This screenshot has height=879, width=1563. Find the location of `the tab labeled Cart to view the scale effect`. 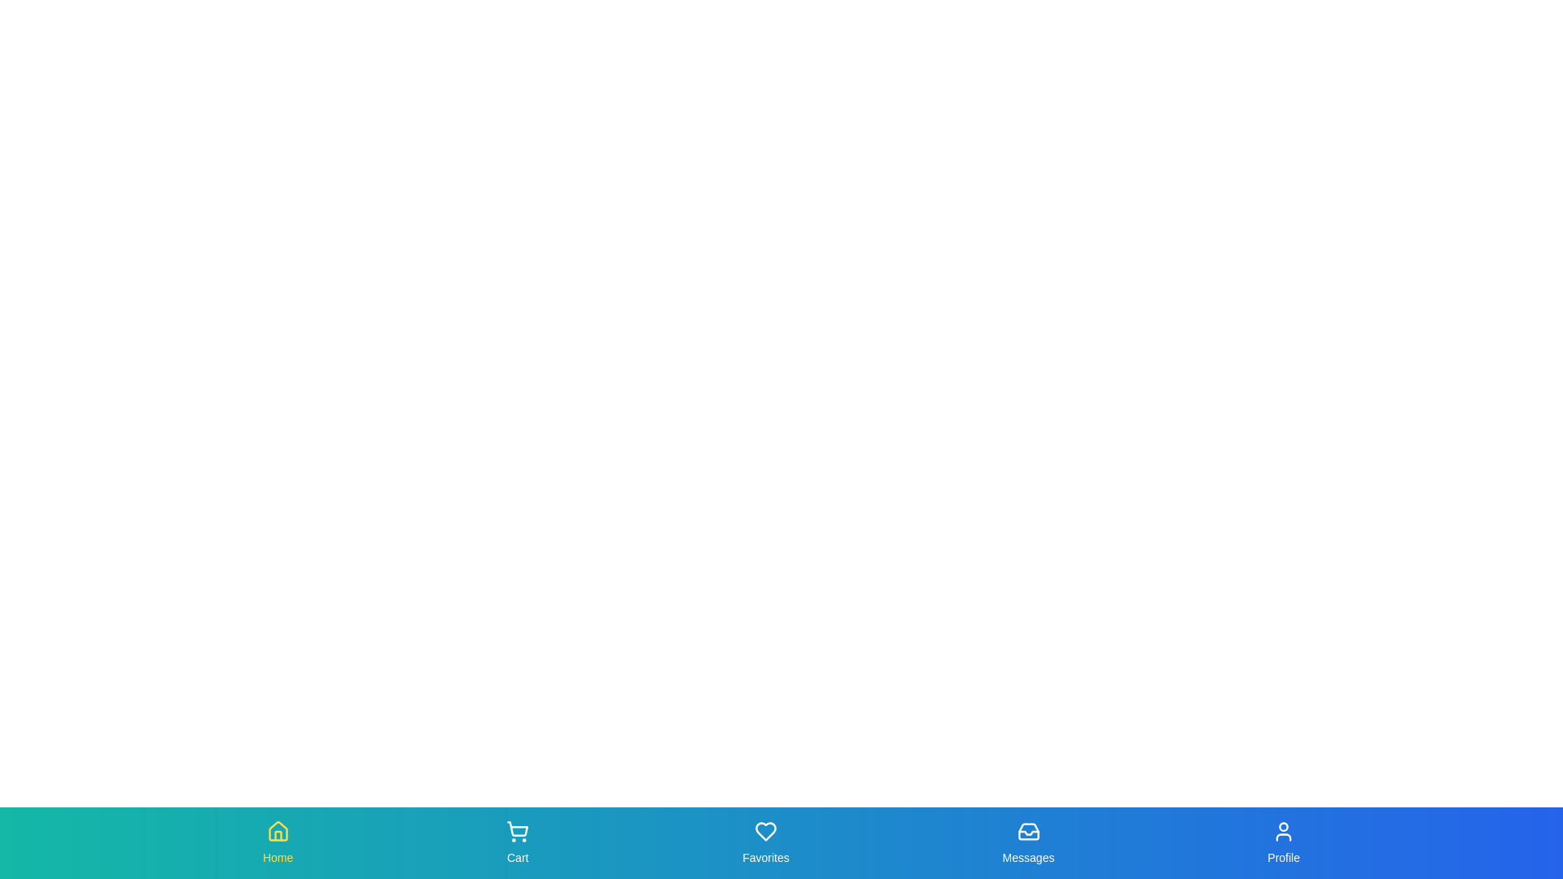

the tab labeled Cart to view the scale effect is located at coordinates (517, 842).